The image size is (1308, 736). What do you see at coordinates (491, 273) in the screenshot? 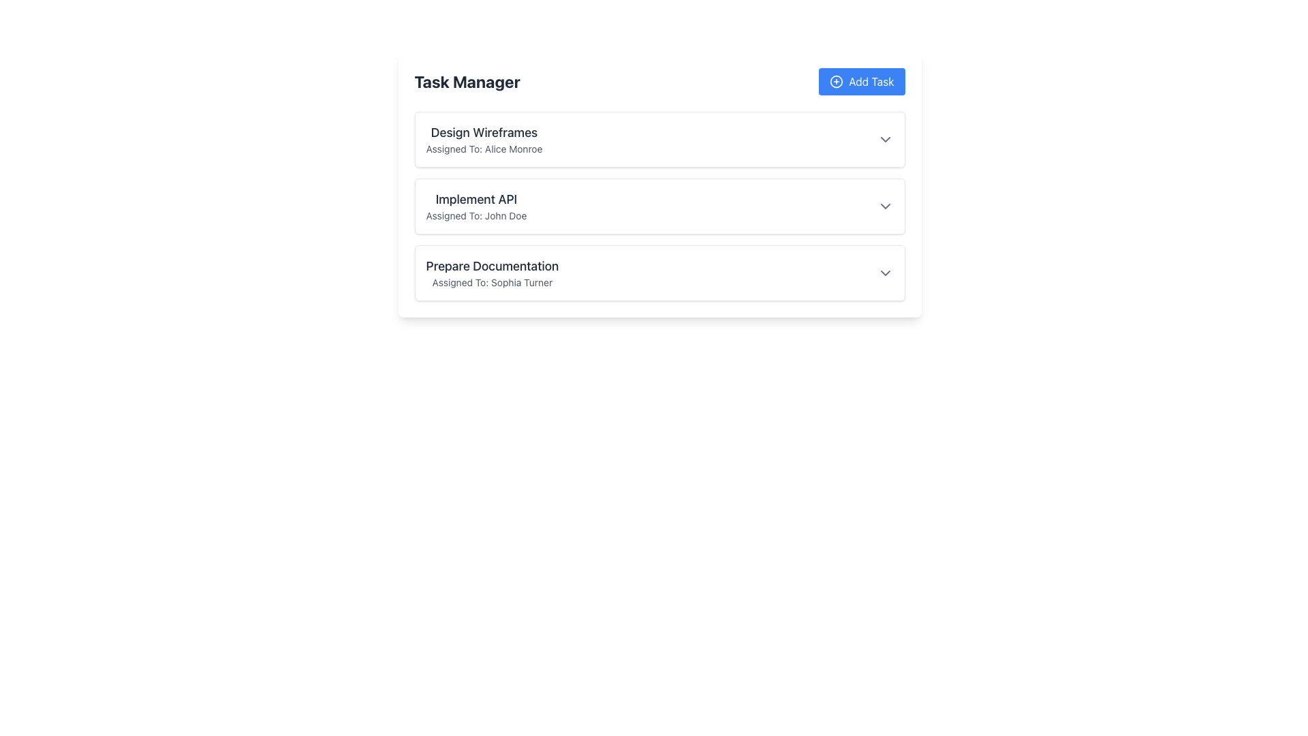
I see `the third task item in the task manager interface, which displays the task's title and the person assigned to it` at bounding box center [491, 273].